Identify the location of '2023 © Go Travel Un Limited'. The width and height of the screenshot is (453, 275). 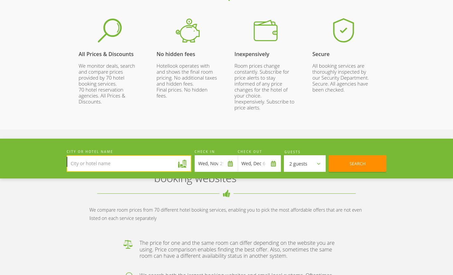
(89, 88).